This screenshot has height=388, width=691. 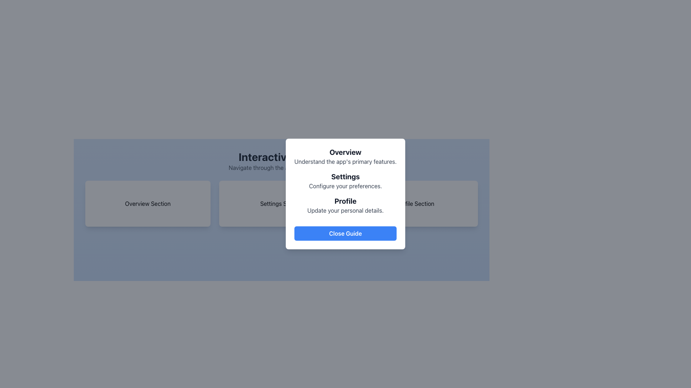 What do you see at coordinates (345, 210) in the screenshot?
I see `the informational text label that describes the purpose of the 'Profile' section in the dialog, positioned below the bold 'Profile' text` at bounding box center [345, 210].